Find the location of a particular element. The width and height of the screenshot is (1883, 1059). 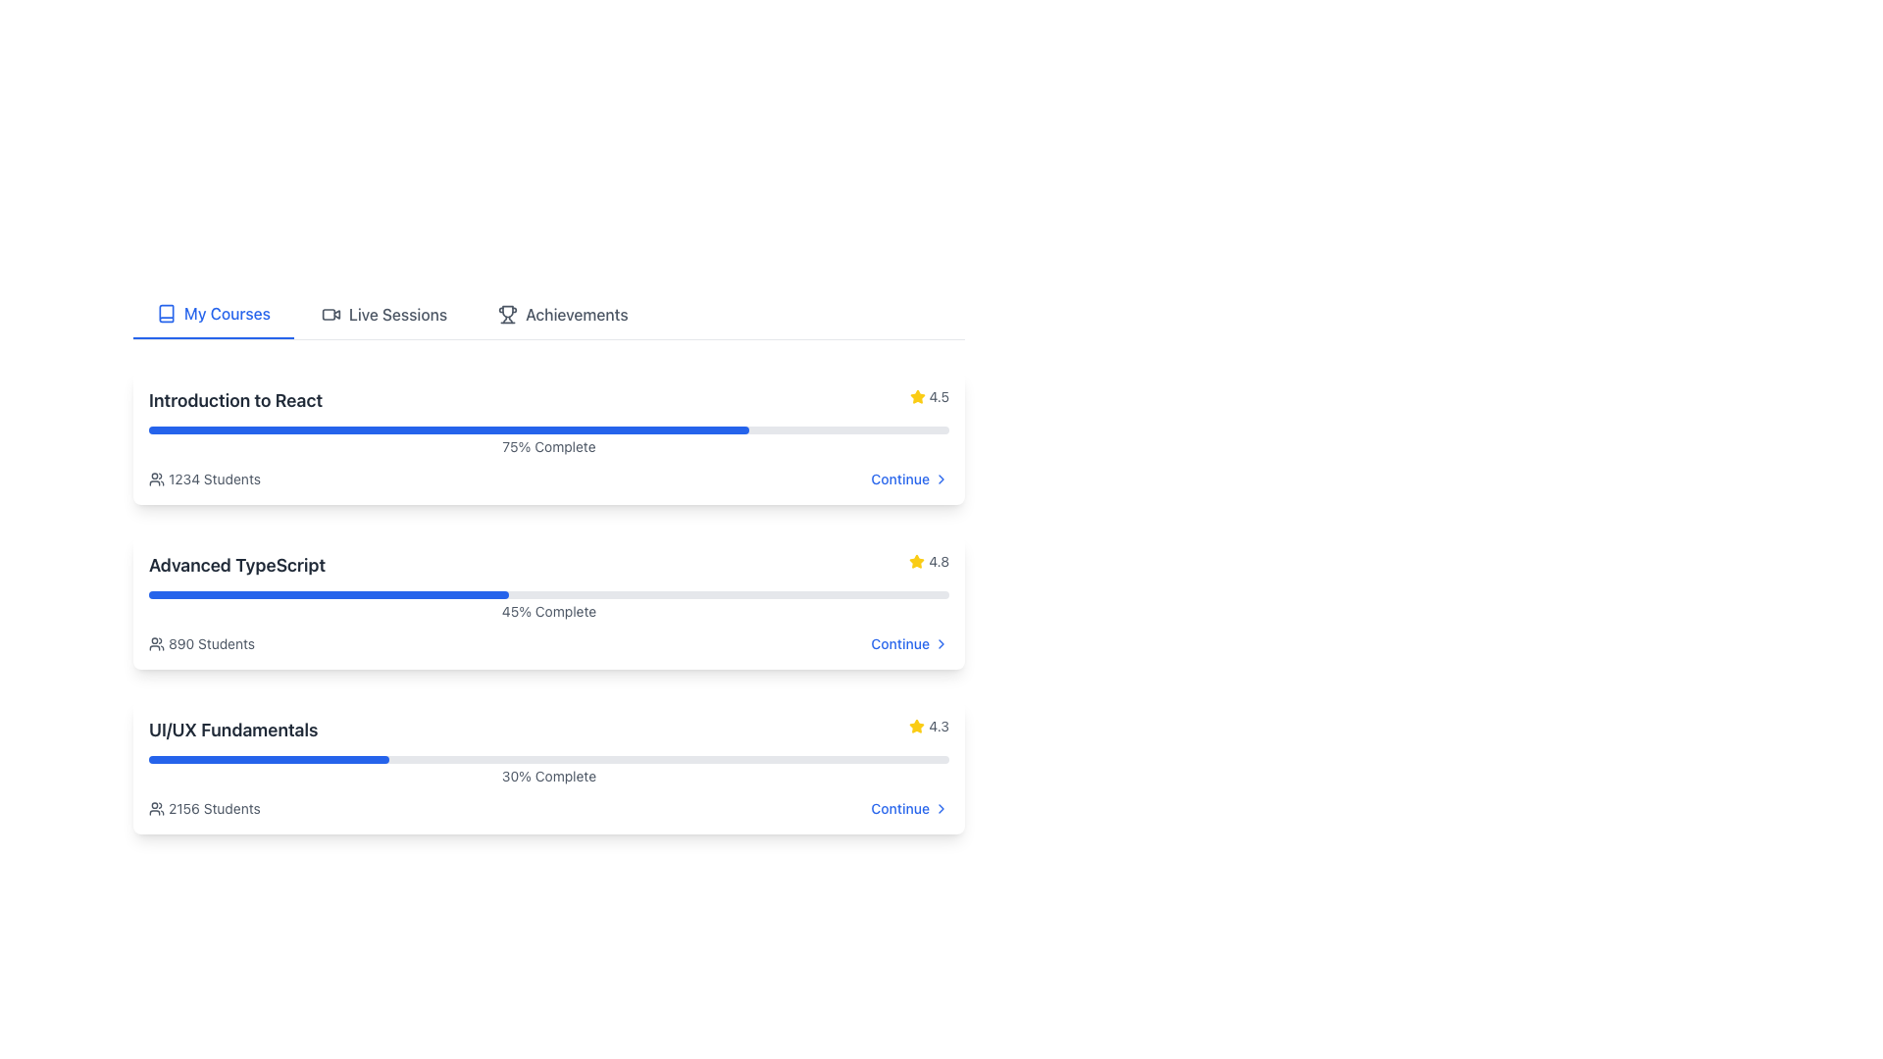

the SVG icon representing a group of users, which is dark gray and positioned to the left of the text '1234 Students' in the 'Introduction to React' section is located at coordinates (155, 479).